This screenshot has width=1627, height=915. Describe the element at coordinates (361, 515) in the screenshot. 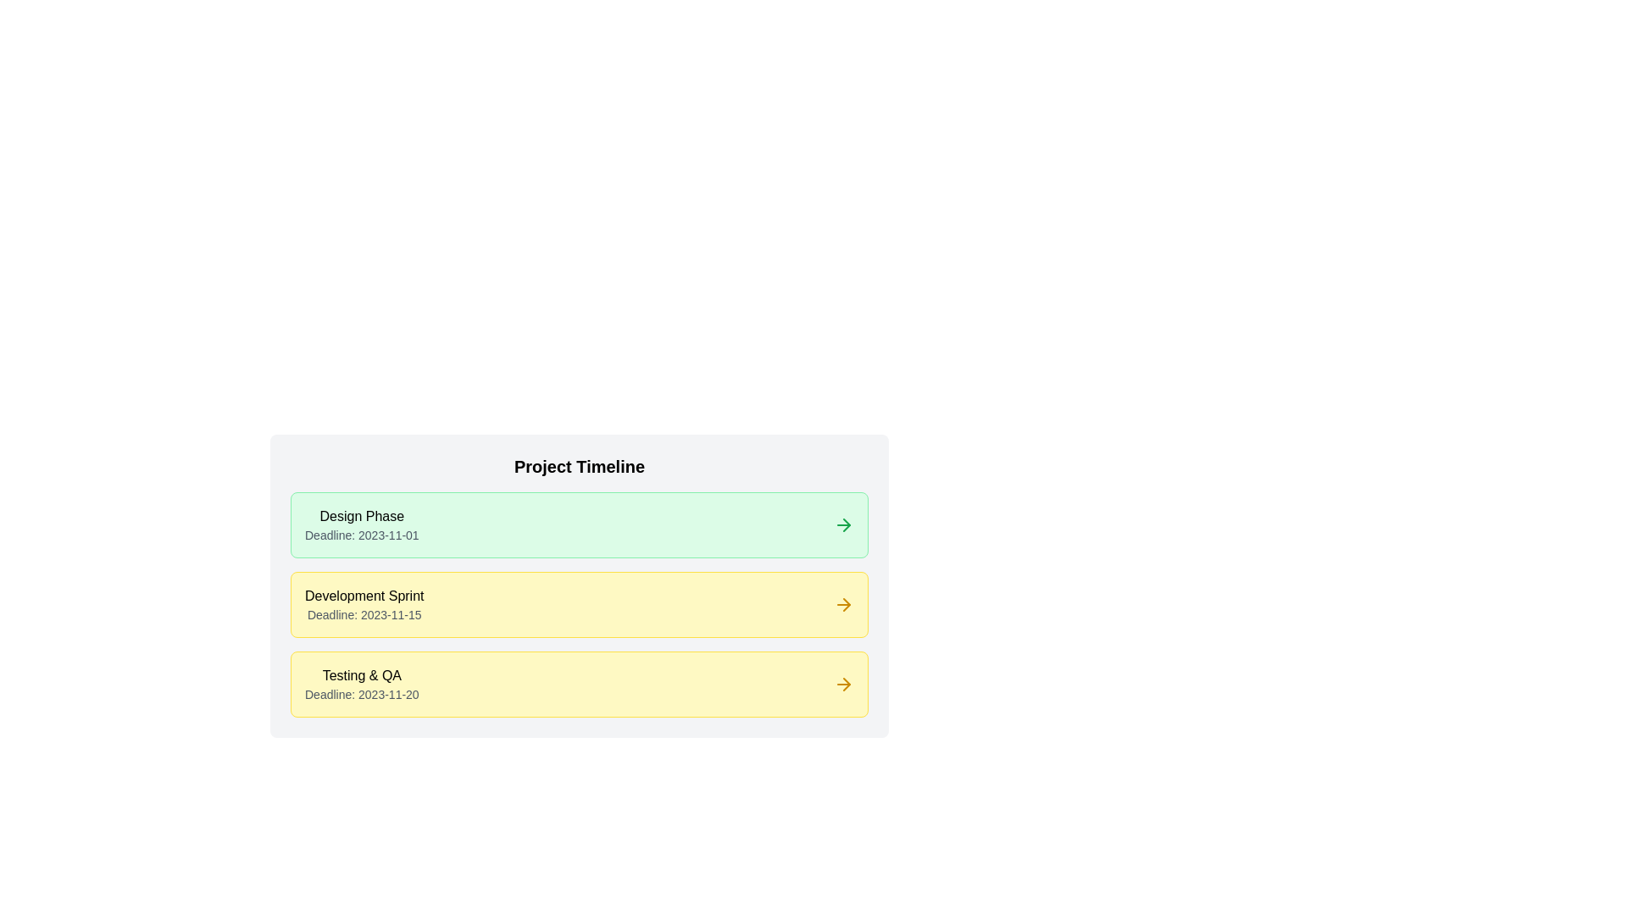

I see `text label displaying 'Design Phase' in bold or medium font located in the topmost card of the project timeline section` at that location.